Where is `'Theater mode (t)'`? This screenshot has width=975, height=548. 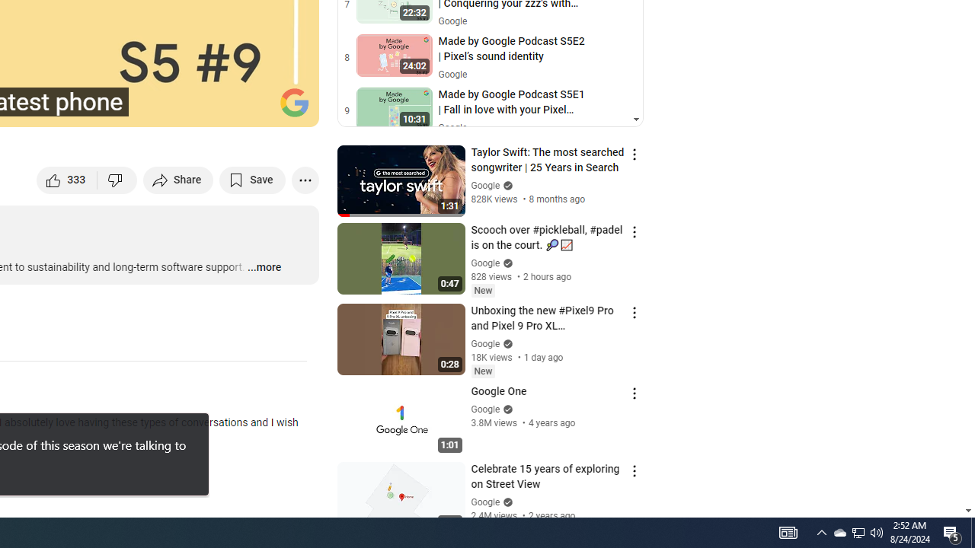
'Theater mode (t)' is located at coordinates (254, 107).